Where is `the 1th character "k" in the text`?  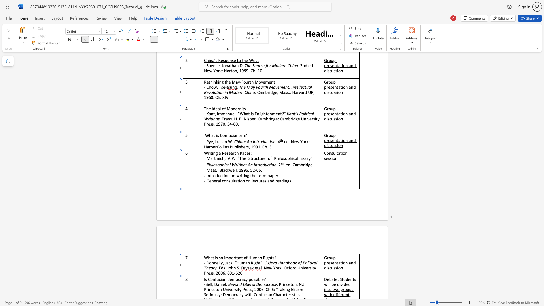
the 1th character "k" in the text is located at coordinates (231, 263).